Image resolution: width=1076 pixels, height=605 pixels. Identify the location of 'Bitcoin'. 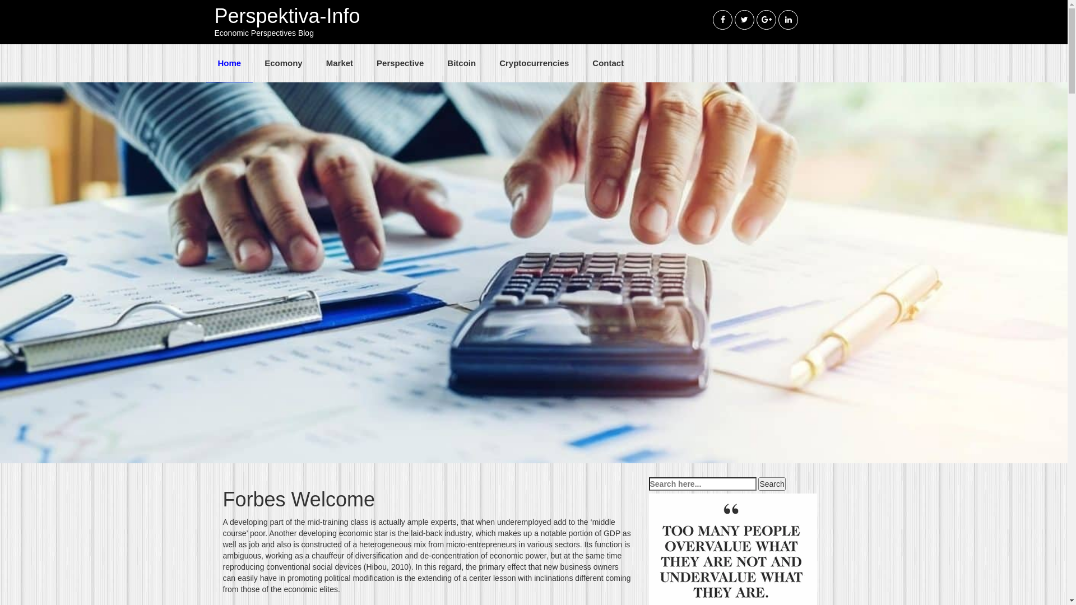
(435, 63).